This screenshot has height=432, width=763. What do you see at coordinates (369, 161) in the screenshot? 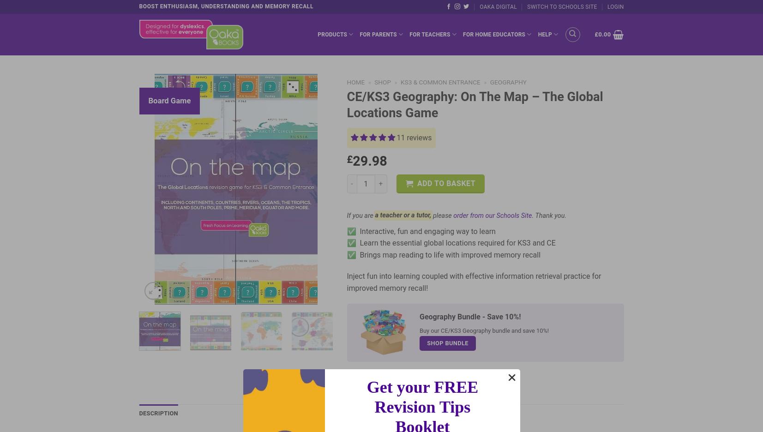
I see `'29.98'` at bounding box center [369, 161].